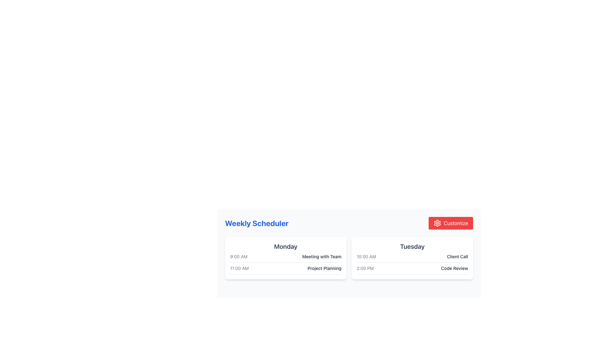 Image resolution: width=606 pixels, height=341 pixels. Describe the element at coordinates (454, 268) in the screenshot. I see `the text label that represents the event or task scheduled at 2:00 PM, located on the right-hand side card under the 'Tuesday' heading in the scheduler interface` at that location.